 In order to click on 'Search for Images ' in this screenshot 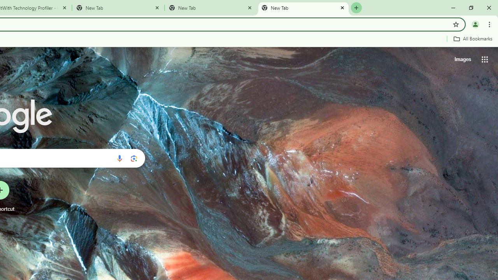, I will do `click(463, 59)`.